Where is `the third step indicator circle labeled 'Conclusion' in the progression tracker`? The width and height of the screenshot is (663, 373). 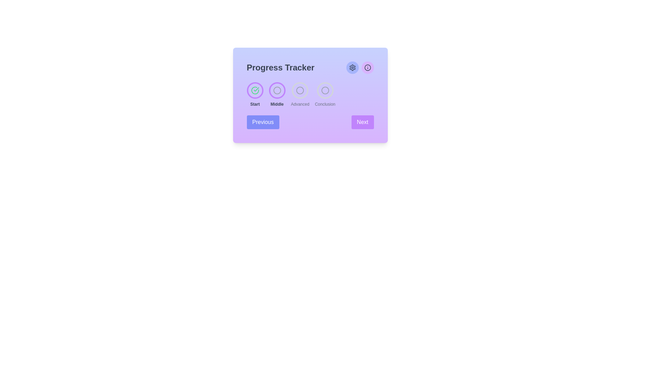
the third step indicator circle labeled 'Conclusion' in the progression tracker is located at coordinates (325, 90).